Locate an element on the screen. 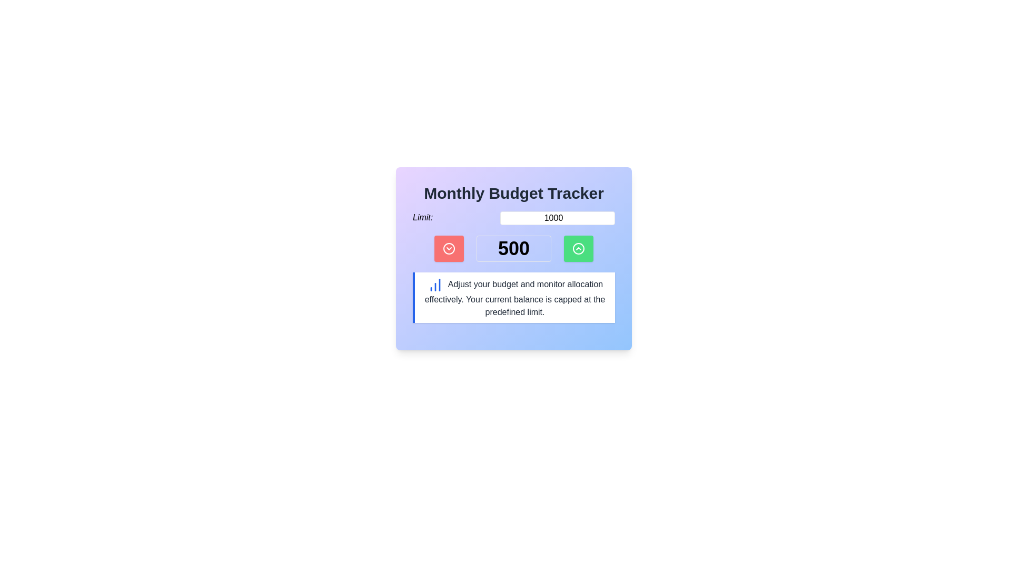 The height and width of the screenshot is (568, 1011). the red circular graphical icon component with a white border that resembles a downward-facing chevron is located at coordinates (449, 249).